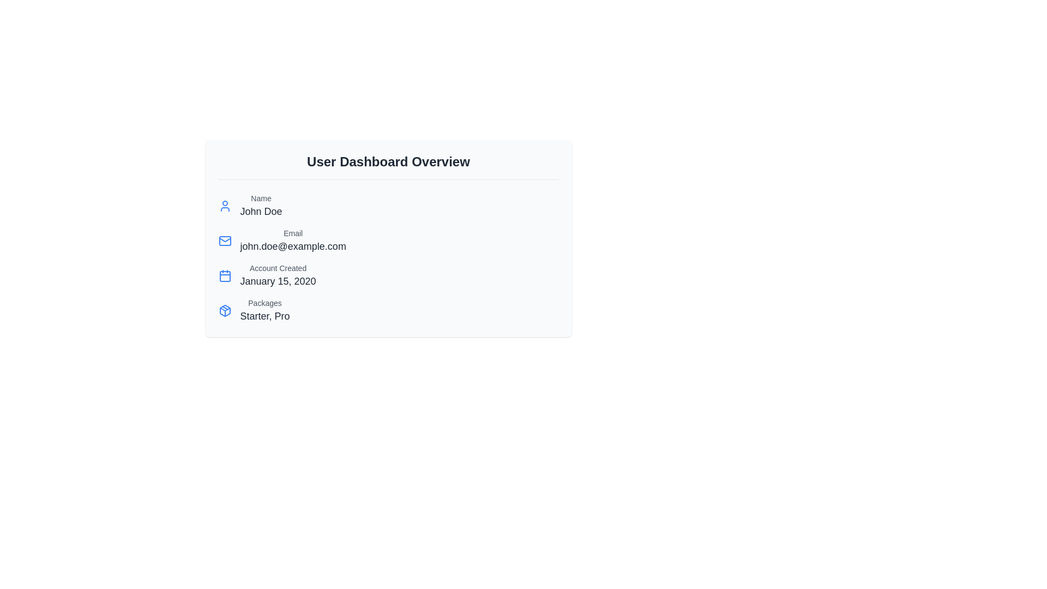 Image resolution: width=1047 pixels, height=589 pixels. I want to click on the Text Label displaying the account creation date, located in the third row of the user dashboard details, below the 'Email' section and above the 'Packages' section, so click(278, 275).